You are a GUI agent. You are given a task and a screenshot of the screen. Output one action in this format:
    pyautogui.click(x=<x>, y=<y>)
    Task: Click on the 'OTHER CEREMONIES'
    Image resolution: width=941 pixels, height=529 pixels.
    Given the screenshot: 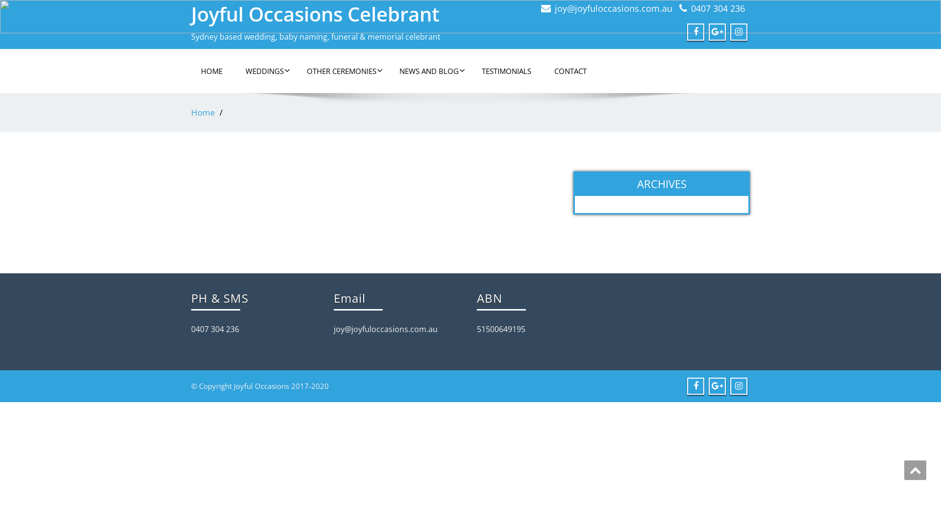 What is the action you would take?
    pyautogui.click(x=341, y=71)
    